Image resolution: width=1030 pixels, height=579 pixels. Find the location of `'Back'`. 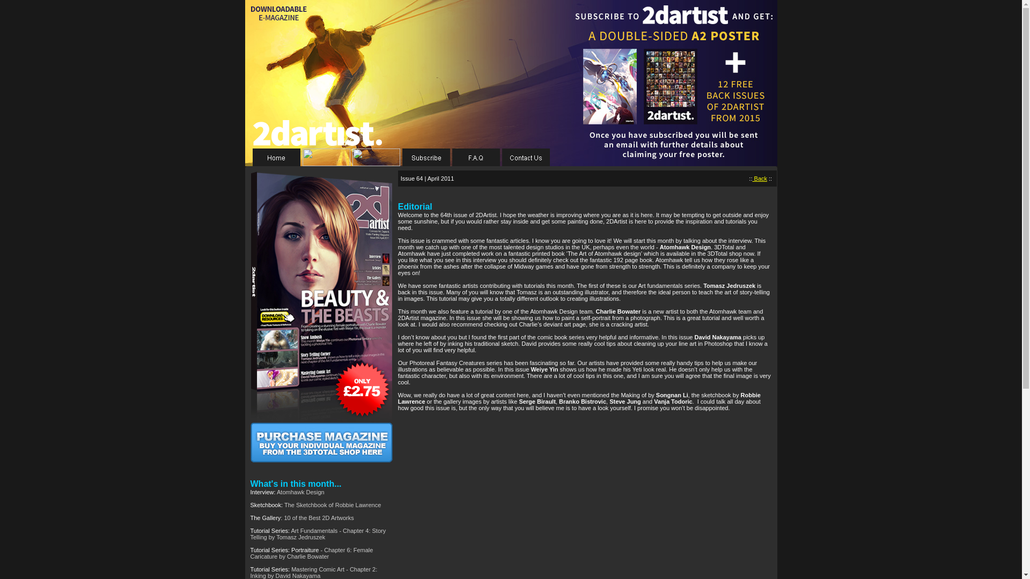

'Back' is located at coordinates (759, 177).